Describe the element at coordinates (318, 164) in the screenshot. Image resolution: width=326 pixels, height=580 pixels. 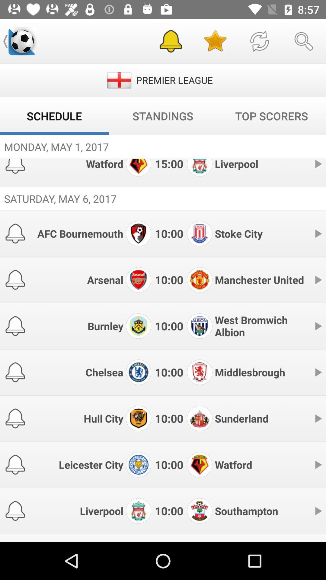
I see `play button which is below top scorers on the page` at that location.